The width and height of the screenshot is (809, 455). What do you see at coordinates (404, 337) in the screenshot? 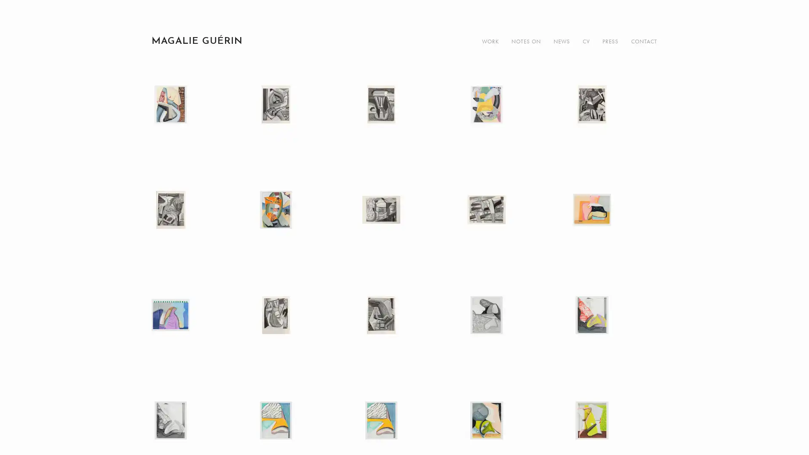
I see `View fullsize Small Copy Drawing 110, 2020` at bounding box center [404, 337].